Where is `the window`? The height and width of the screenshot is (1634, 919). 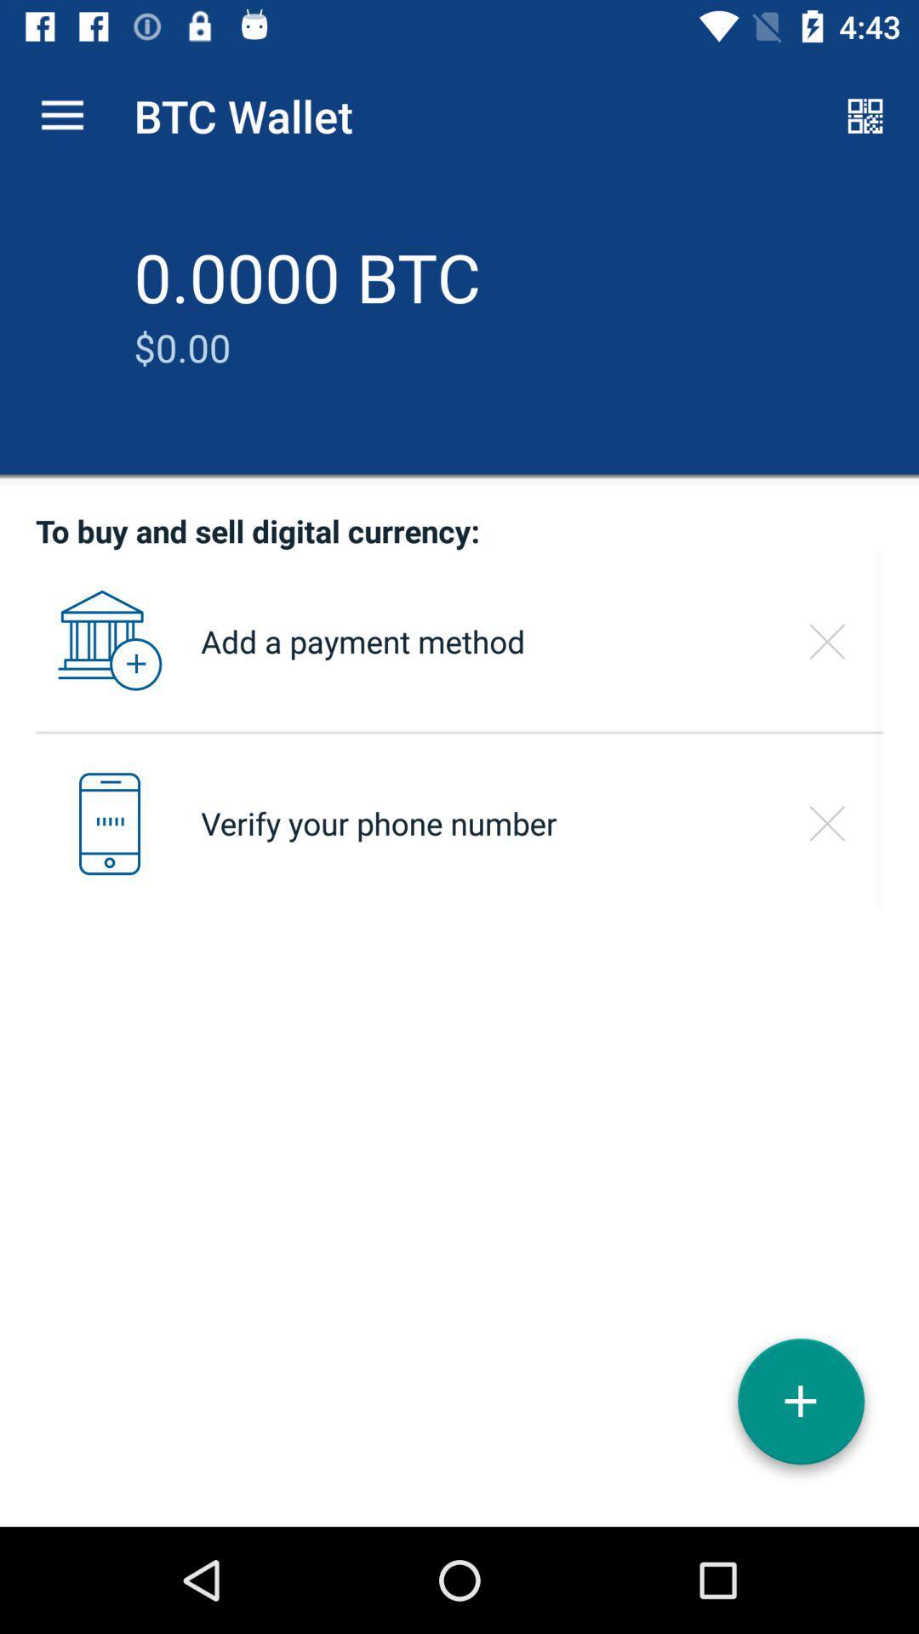
the window is located at coordinates (826, 641).